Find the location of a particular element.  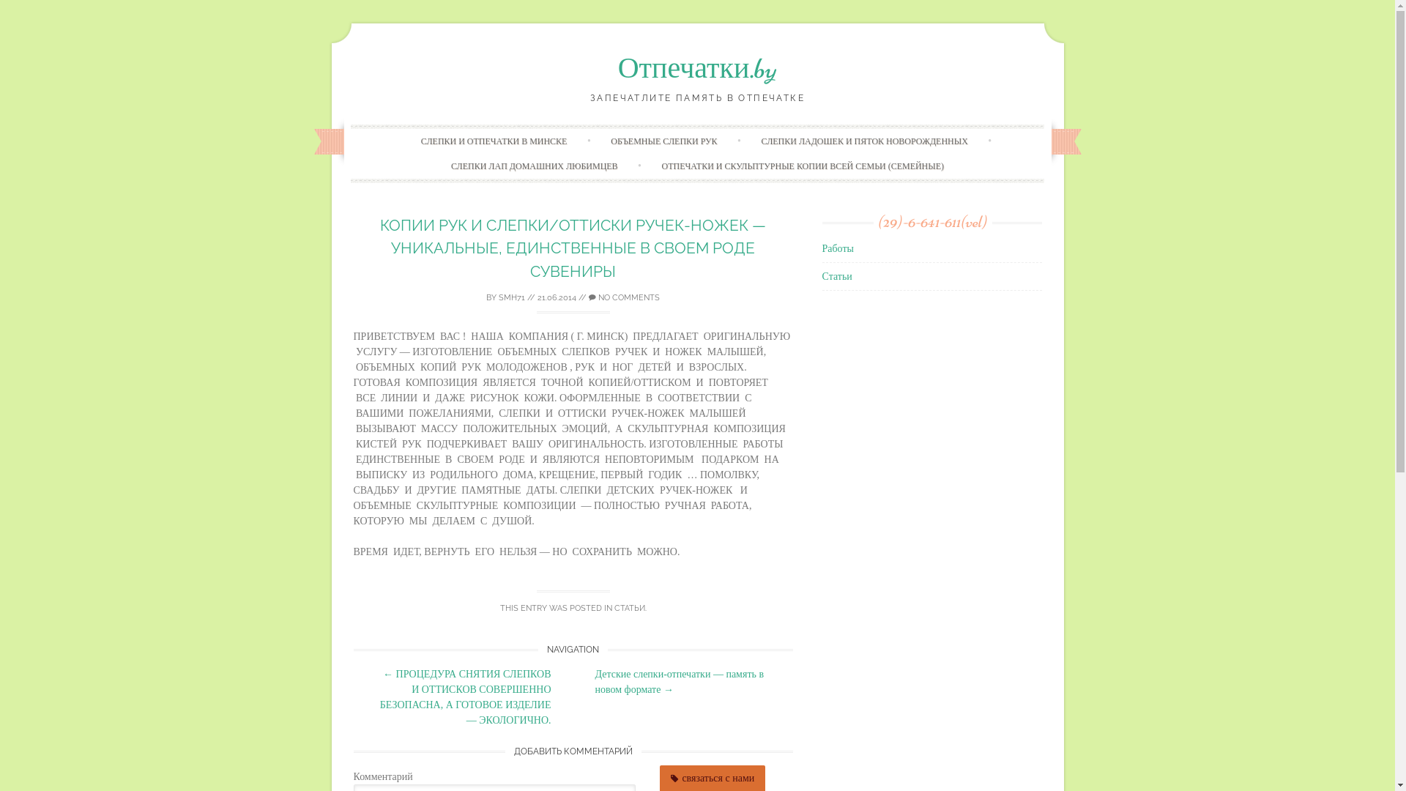

'NO COMMENTS' is located at coordinates (589, 297).